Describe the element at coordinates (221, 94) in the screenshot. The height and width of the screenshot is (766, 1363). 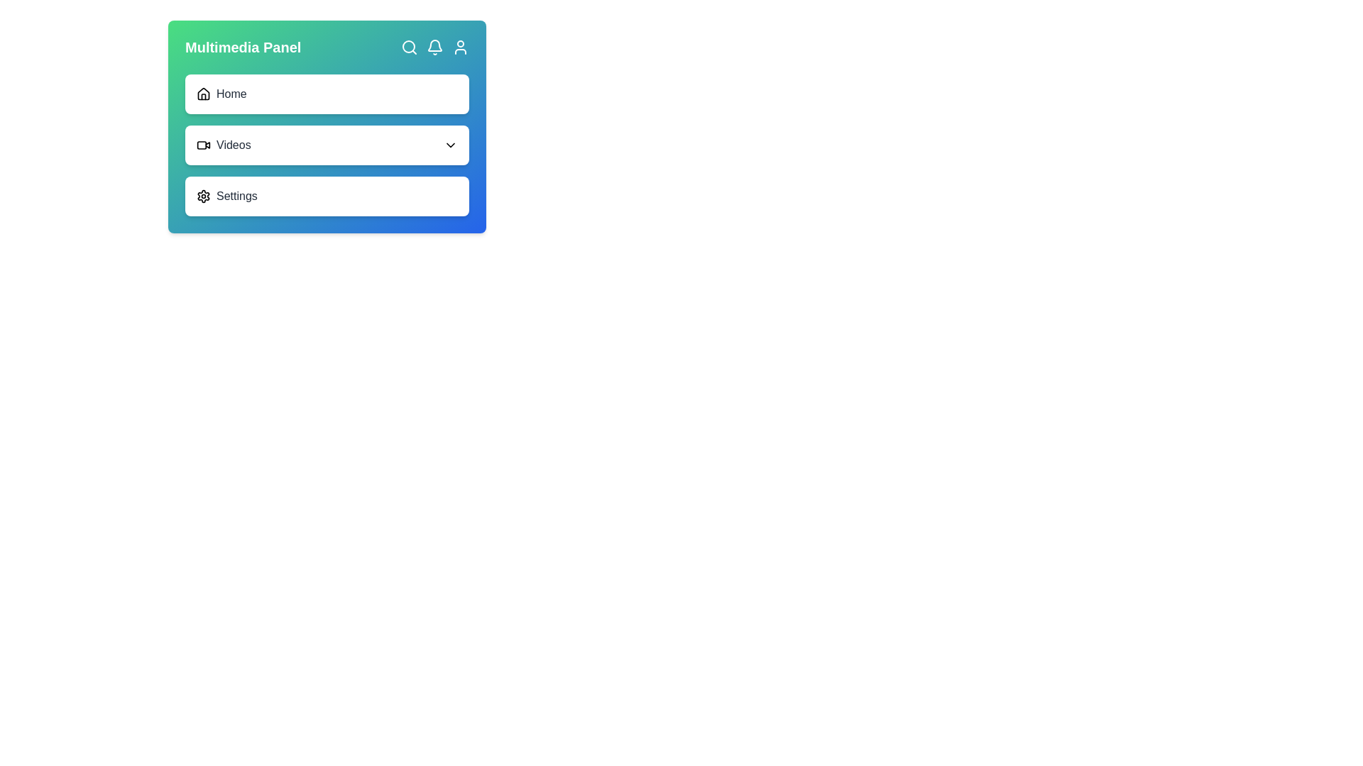
I see `the 'Home' navigation item located in the upper-left section of the 'Multimedia Panel' overlay` at that location.